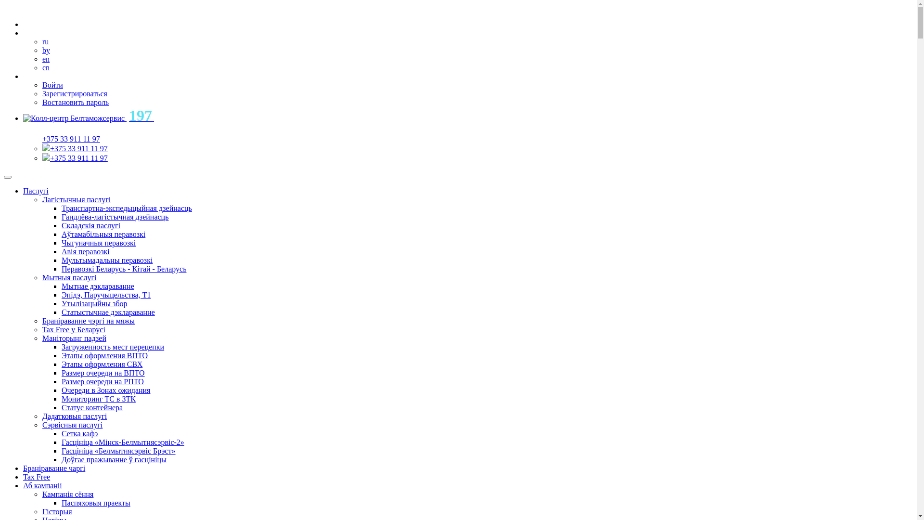 This screenshot has width=924, height=520. I want to click on 'ru', so click(41, 41).